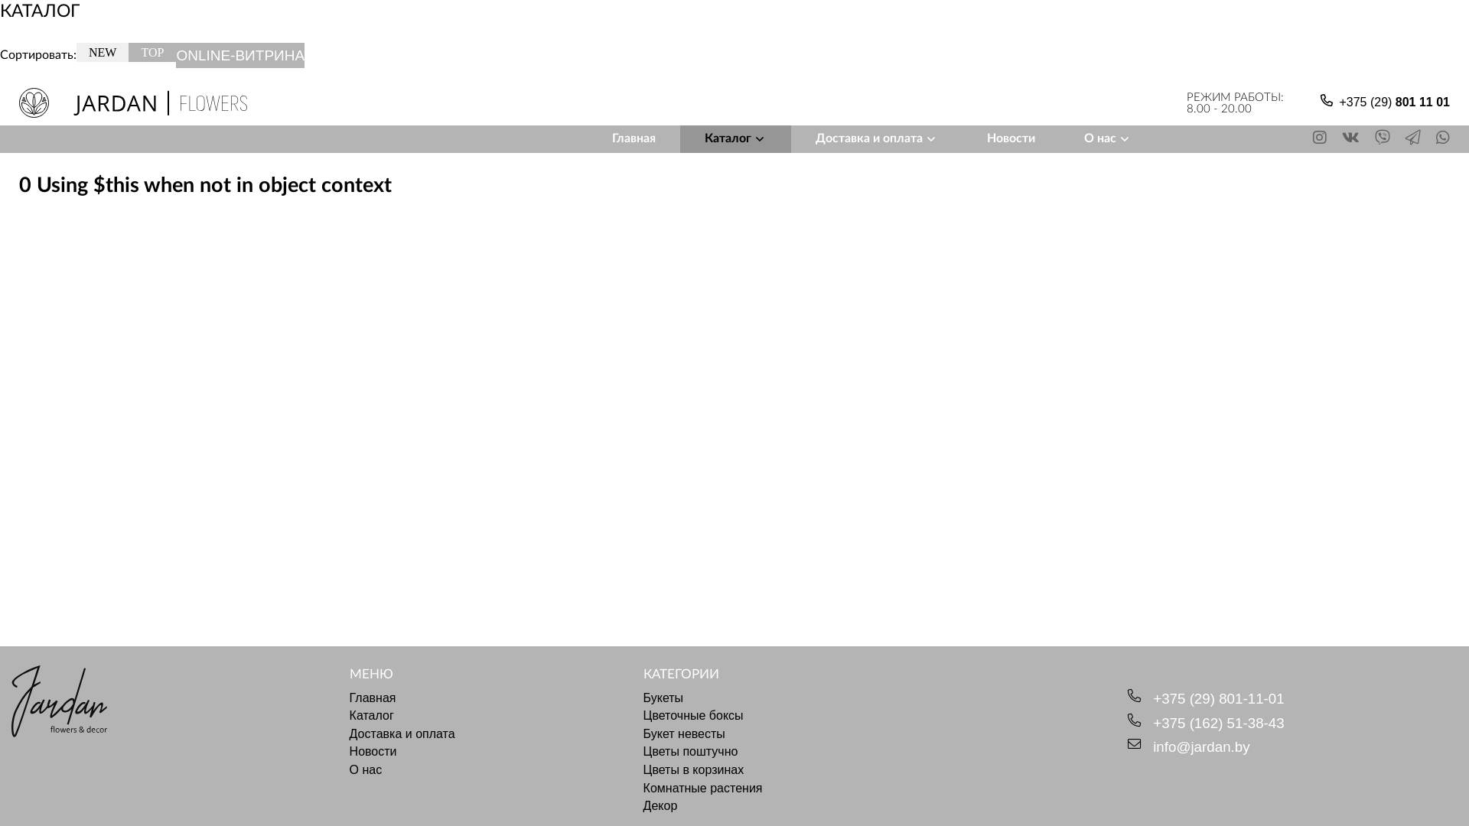  Describe the element at coordinates (1394, 103) in the screenshot. I see `'+375 (29) 801 11 01'` at that location.